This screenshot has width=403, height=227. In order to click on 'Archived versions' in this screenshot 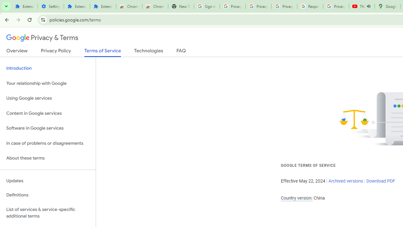, I will do `click(345, 181)`.